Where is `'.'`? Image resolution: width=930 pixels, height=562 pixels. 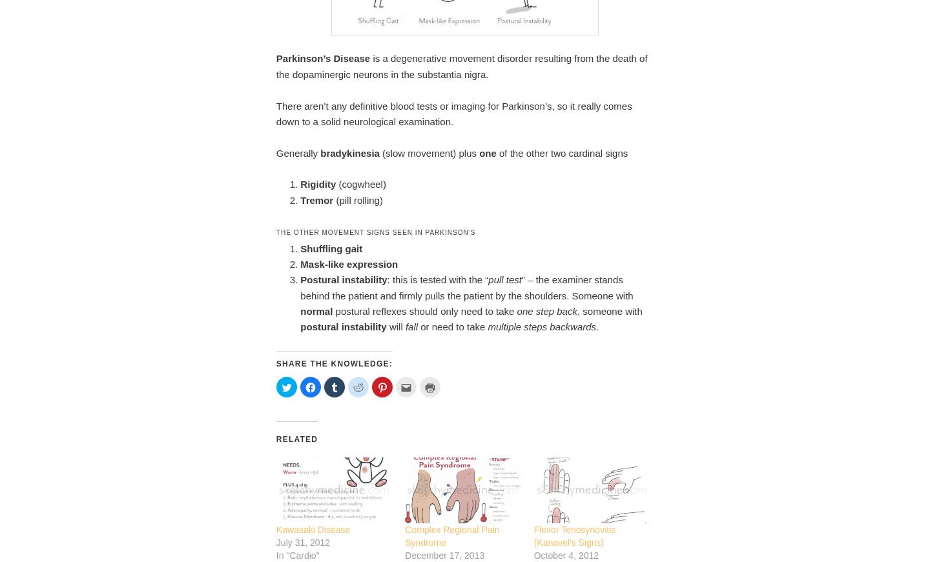
'.' is located at coordinates (597, 326).